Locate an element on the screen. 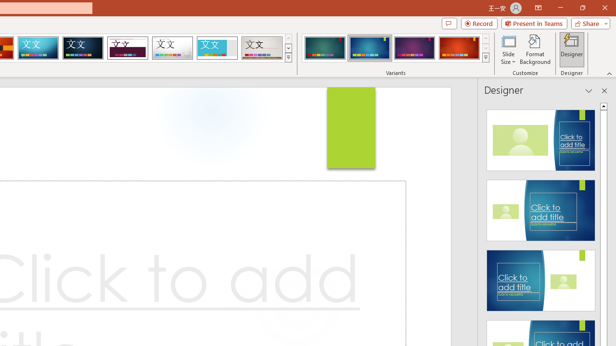 This screenshot has width=616, height=346. 'Row up' is located at coordinates (486, 38).